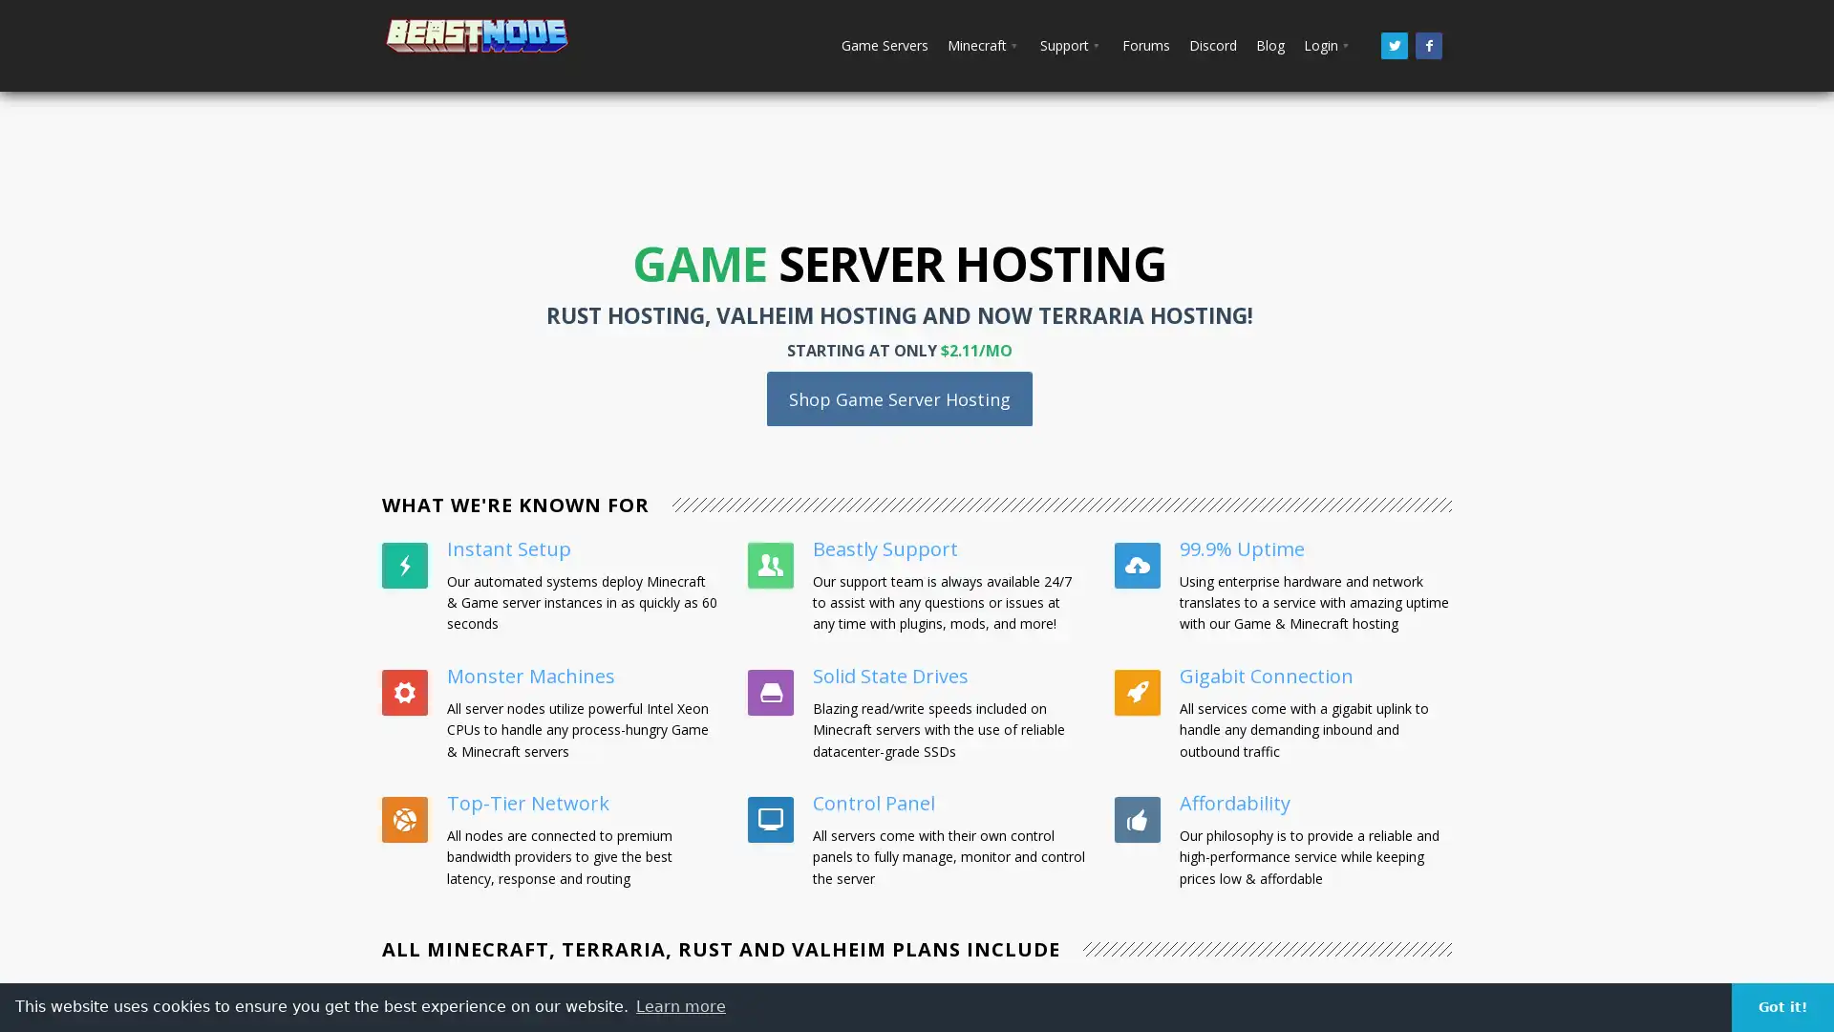  I want to click on learn more about cookies, so click(681, 1005).